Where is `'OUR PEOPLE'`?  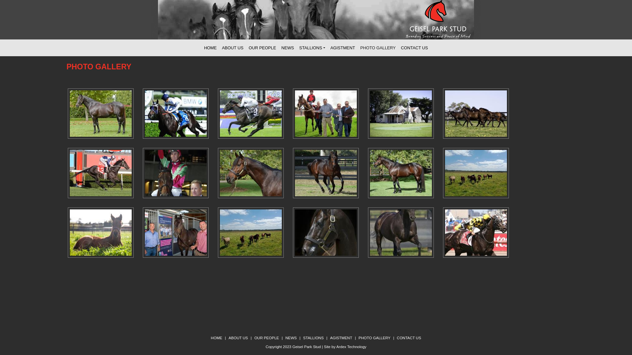 'OUR PEOPLE' is located at coordinates (267, 338).